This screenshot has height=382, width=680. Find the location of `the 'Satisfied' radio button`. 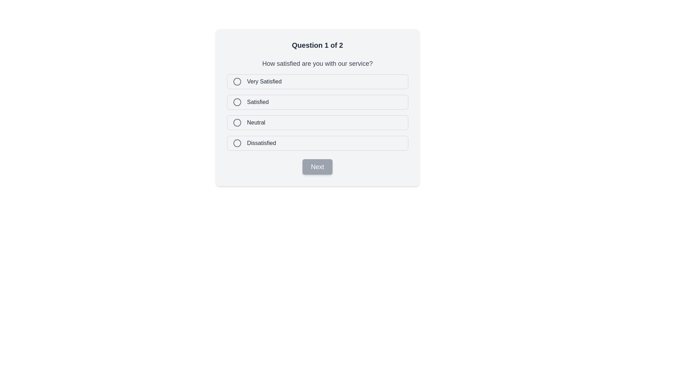

the 'Satisfied' radio button is located at coordinates (317, 102).